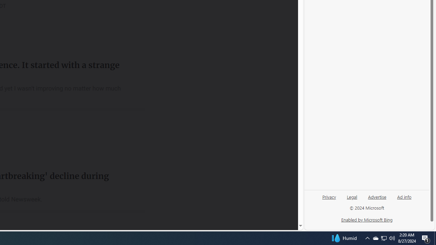 The height and width of the screenshot is (245, 436). Describe the element at coordinates (329, 199) in the screenshot. I see `'Privacy'` at that location.